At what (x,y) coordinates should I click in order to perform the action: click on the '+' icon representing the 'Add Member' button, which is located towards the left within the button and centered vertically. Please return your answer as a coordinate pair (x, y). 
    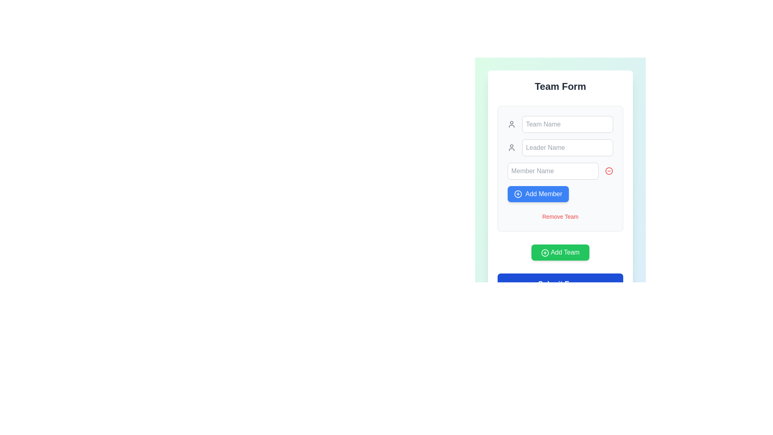
    Looking at the image, I should click on (518, 194).